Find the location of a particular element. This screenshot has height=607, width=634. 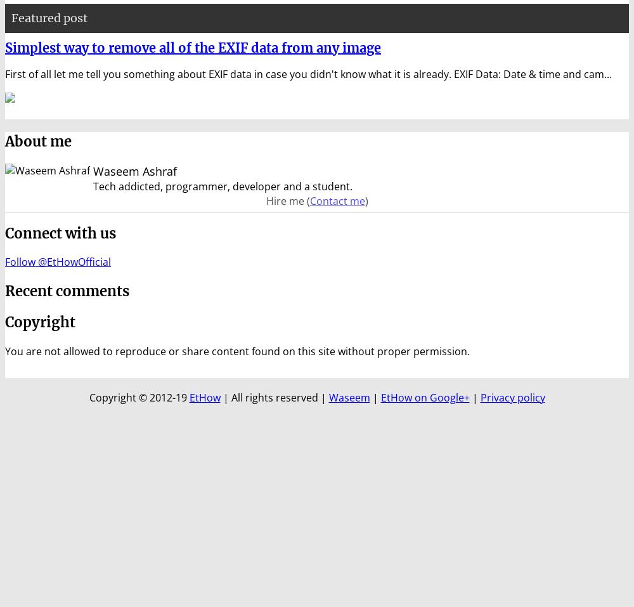

'Connect with us' is located at coordinates (60, 233).